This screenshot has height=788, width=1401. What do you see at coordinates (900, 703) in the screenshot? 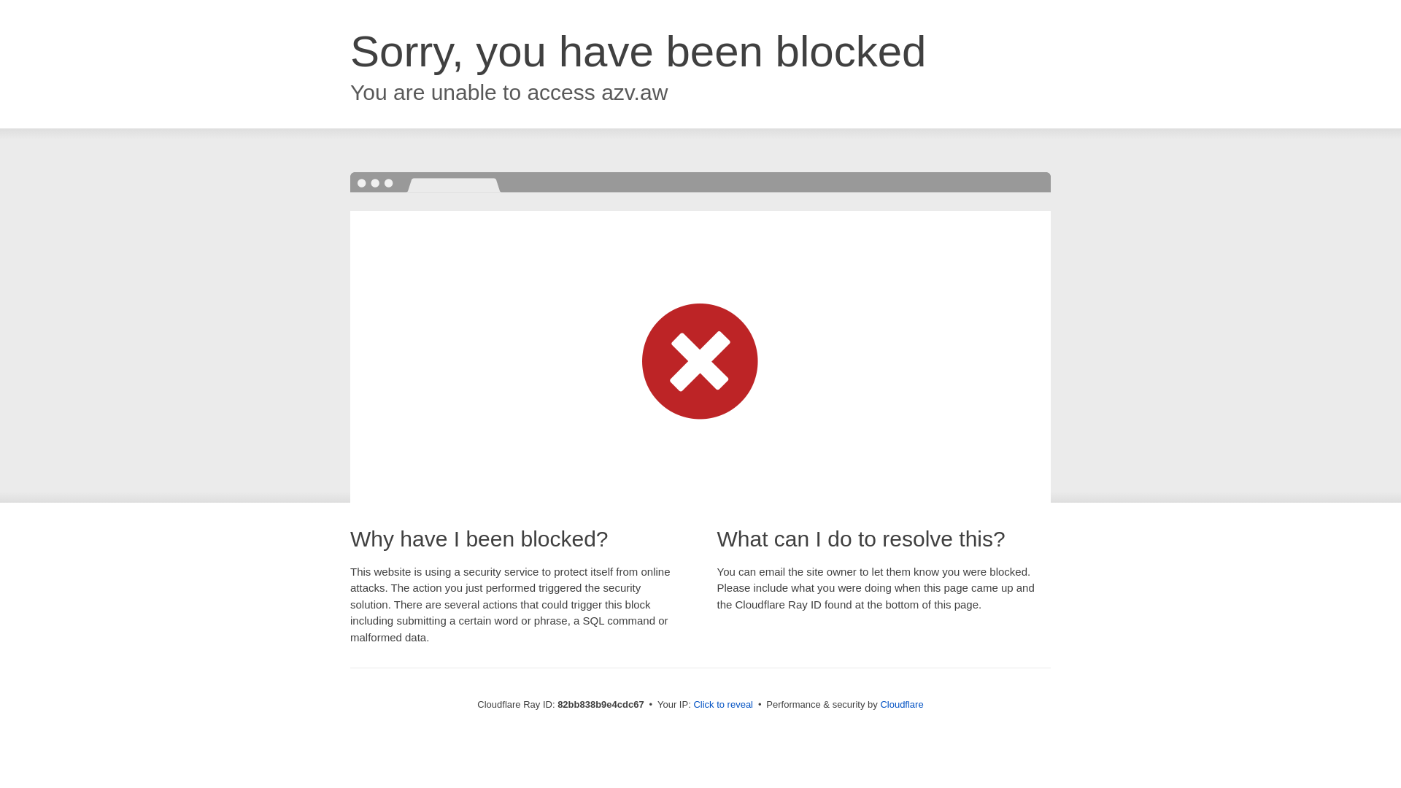
I see `'Cloudflare'` at bounding box center [900, 703].